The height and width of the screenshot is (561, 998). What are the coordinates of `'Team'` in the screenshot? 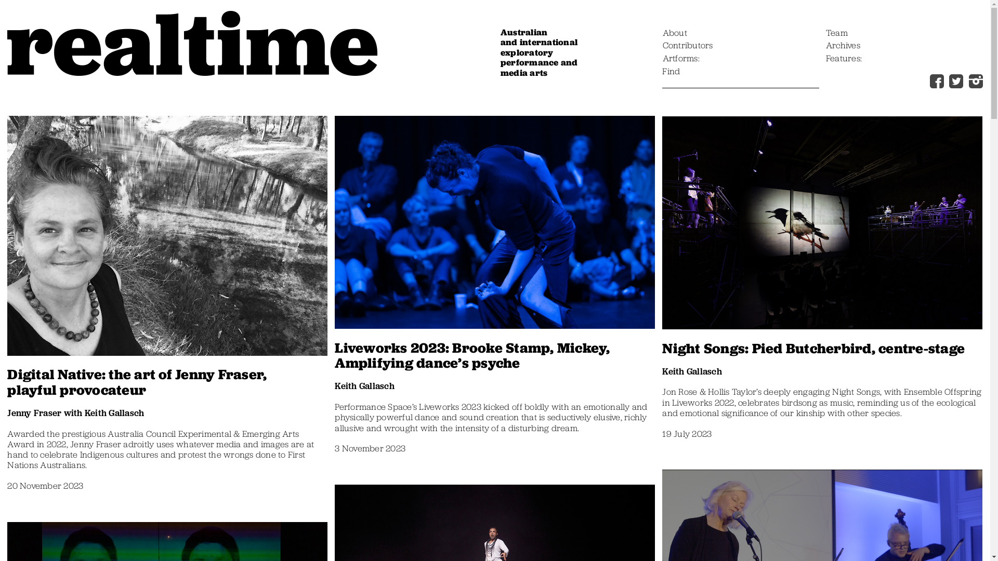 It's located at (836, 33).